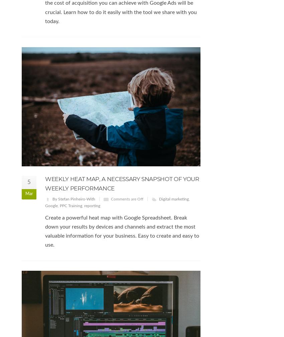 The image size is (284, 337). Describe the element at coordinates (122, 231) in the screenshot. I see `'Create a powerful heat map with Google Spreadsheet. Break down your results by devices and channels and extract the most valuable information for your business. Easy to create and easy to use.'` at that location.